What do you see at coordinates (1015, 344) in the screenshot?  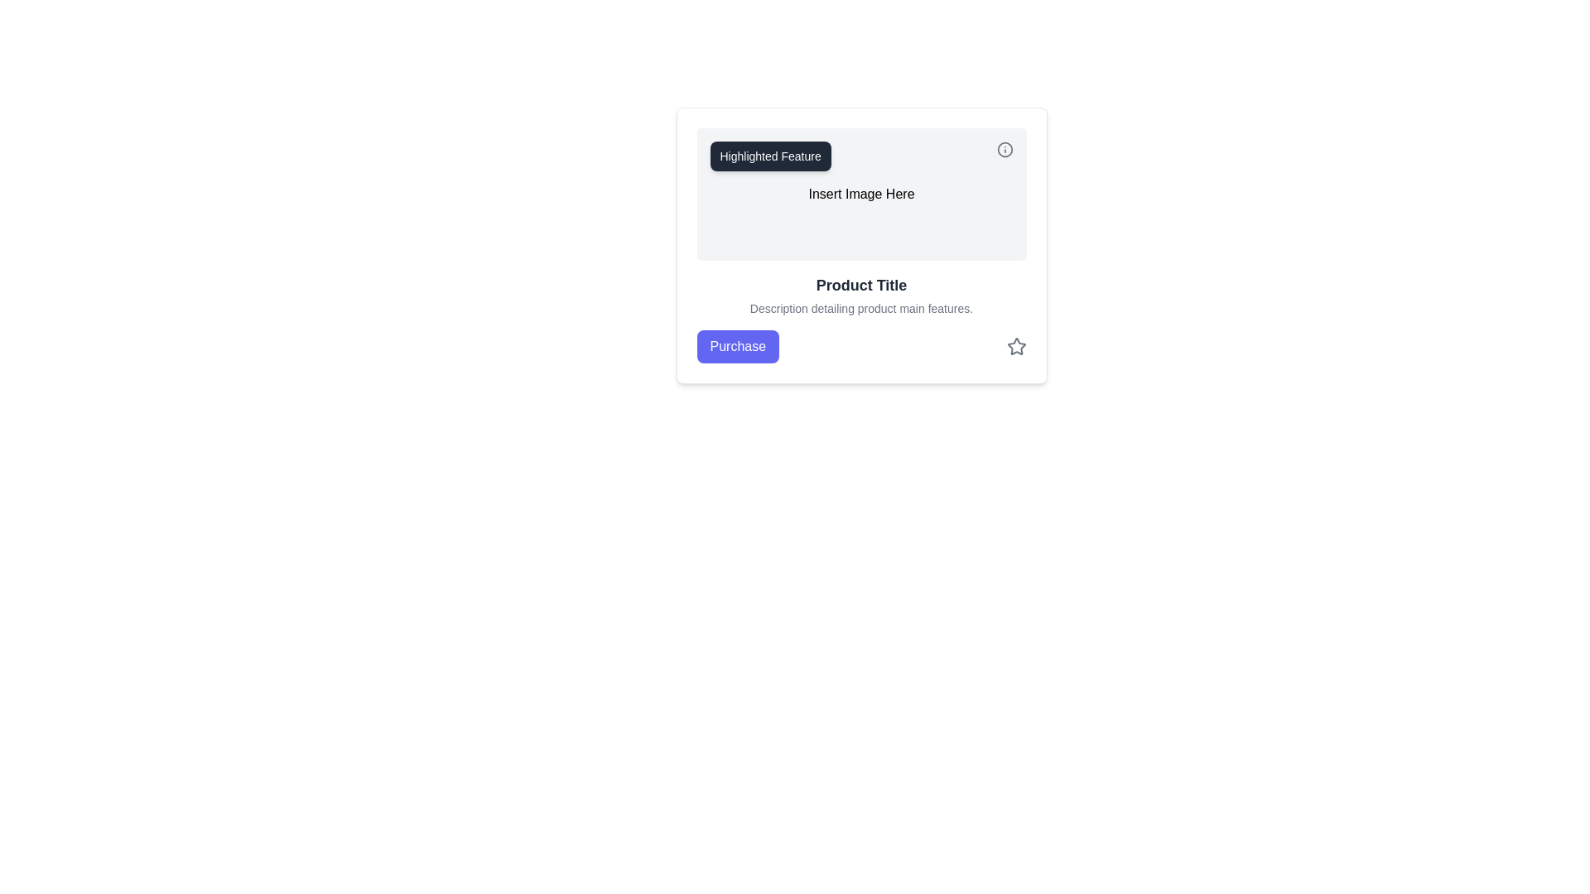 I see `the star icon located at the bottom-right of the card, adjacent to the 'Purchase' button, which serves as a rating functionality icon` at bounding box center [1015, 344].